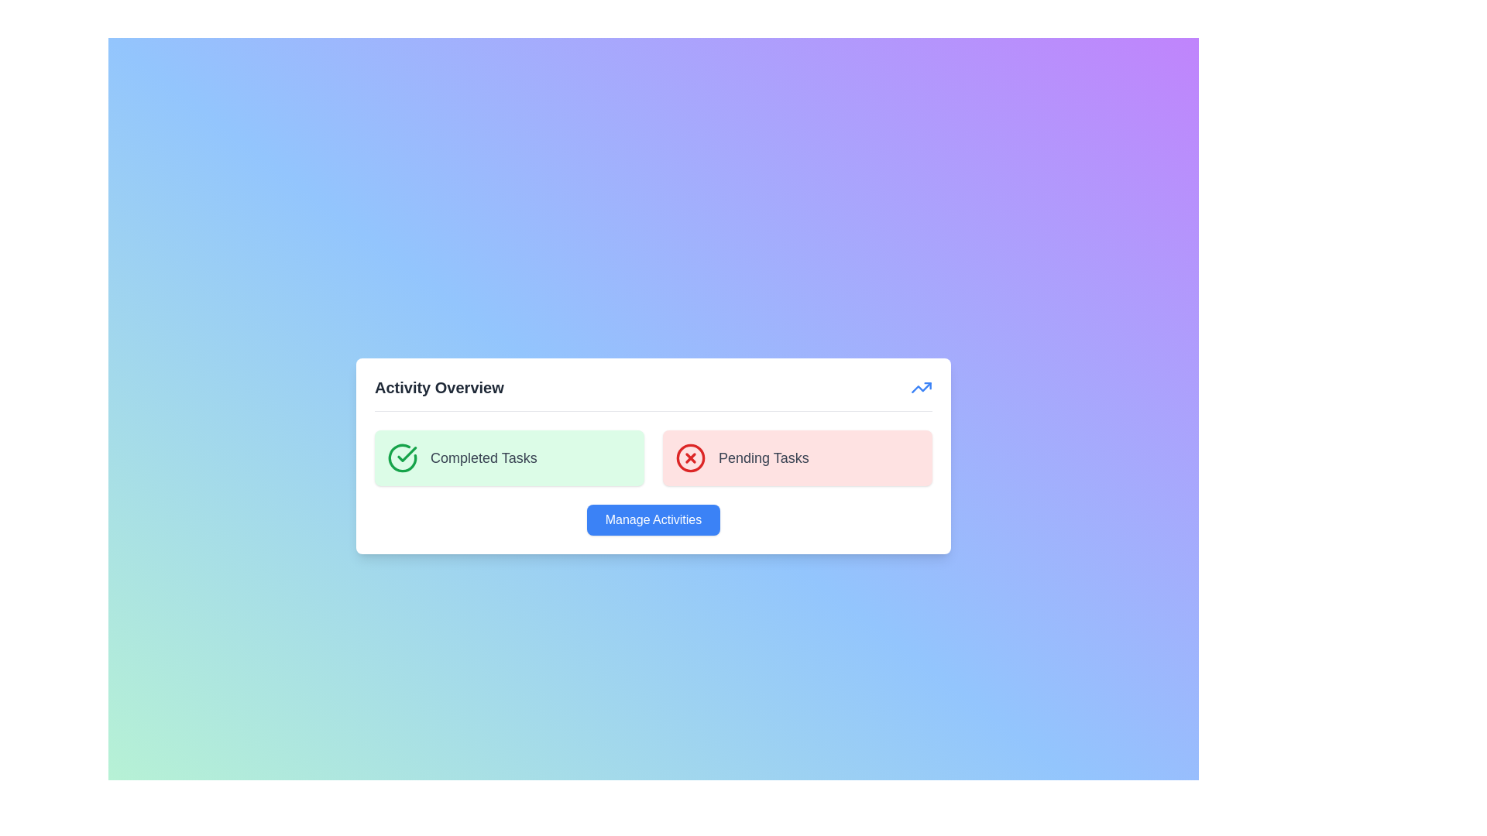  I want to click on the completion status indicator icon located in the 'Completed Tasks' section of the 'Activity Overview' card, so click(402, 457).